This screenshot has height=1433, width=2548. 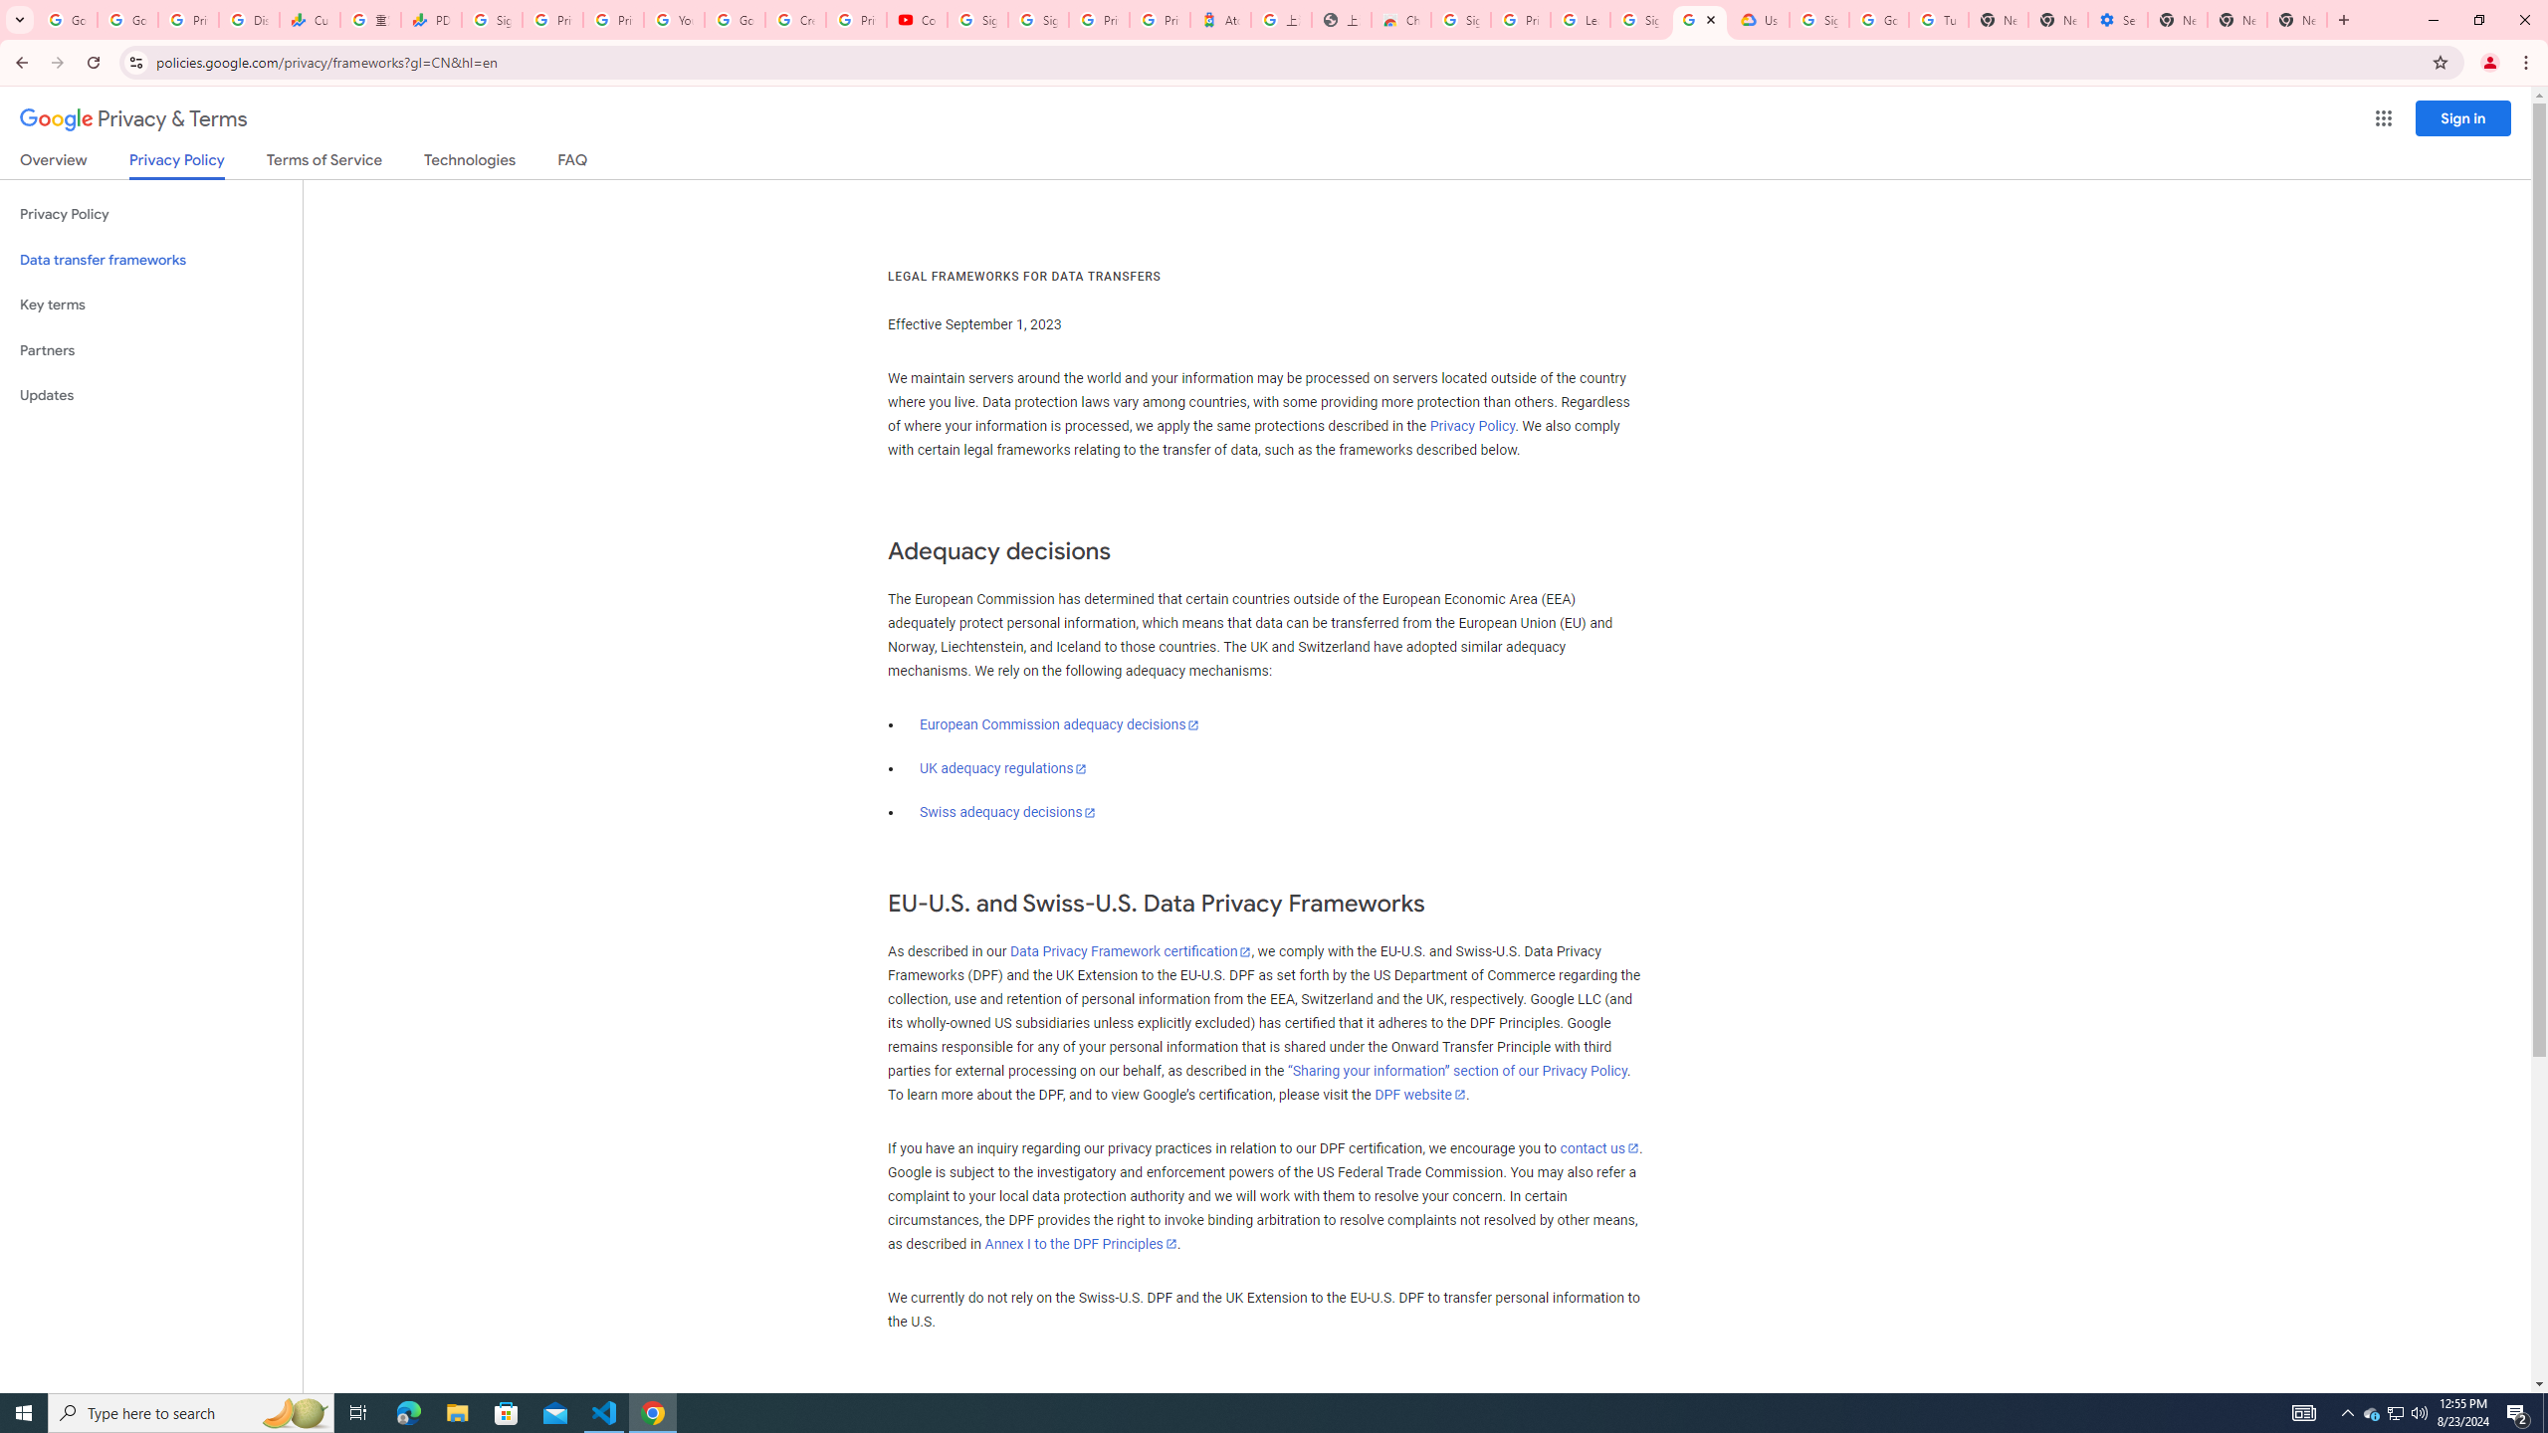 I want to click on 'contact us', so click(x=1598, y=1147).